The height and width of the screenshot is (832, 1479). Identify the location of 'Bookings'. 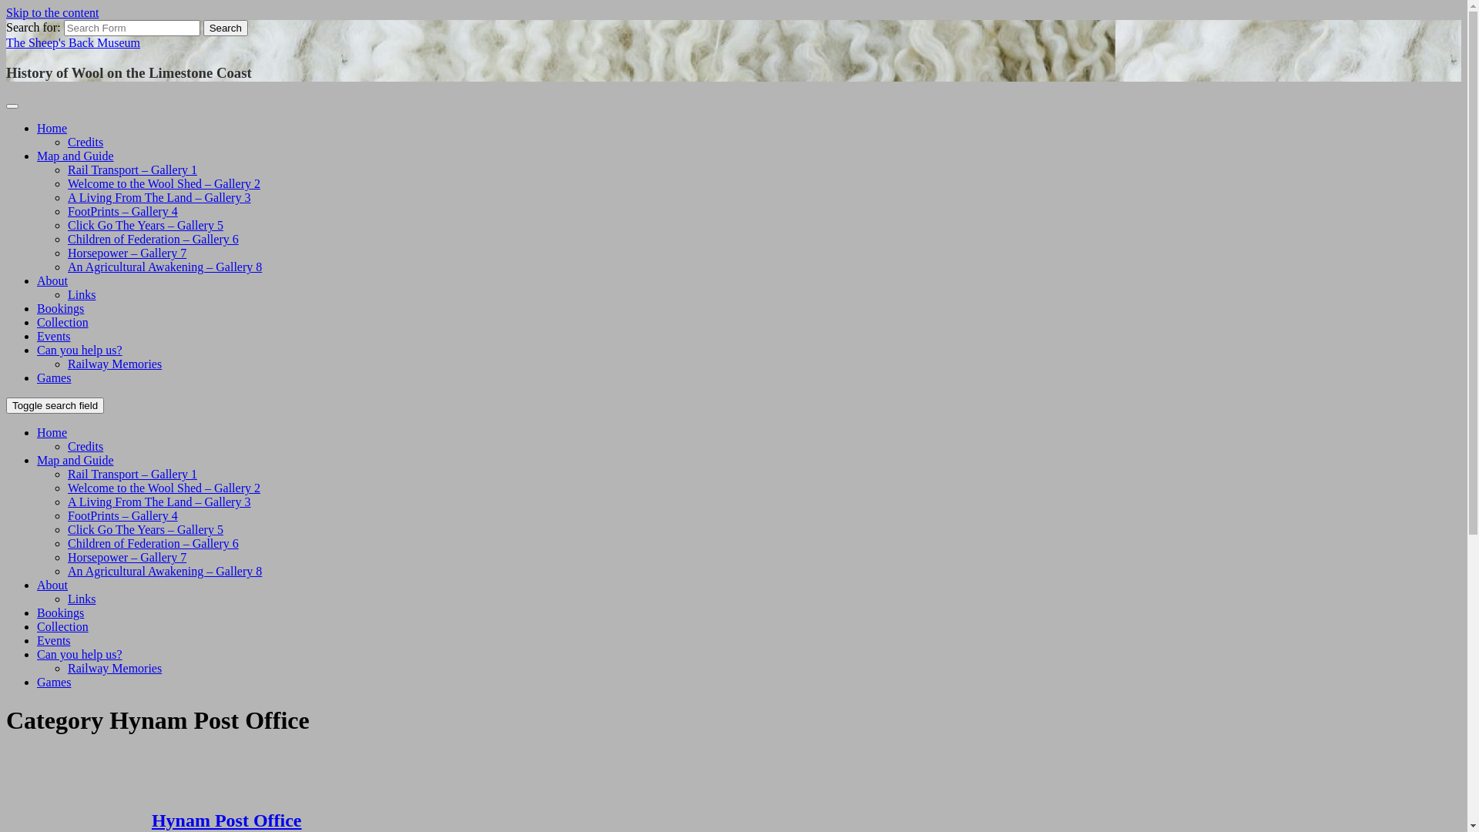
(37, 612).